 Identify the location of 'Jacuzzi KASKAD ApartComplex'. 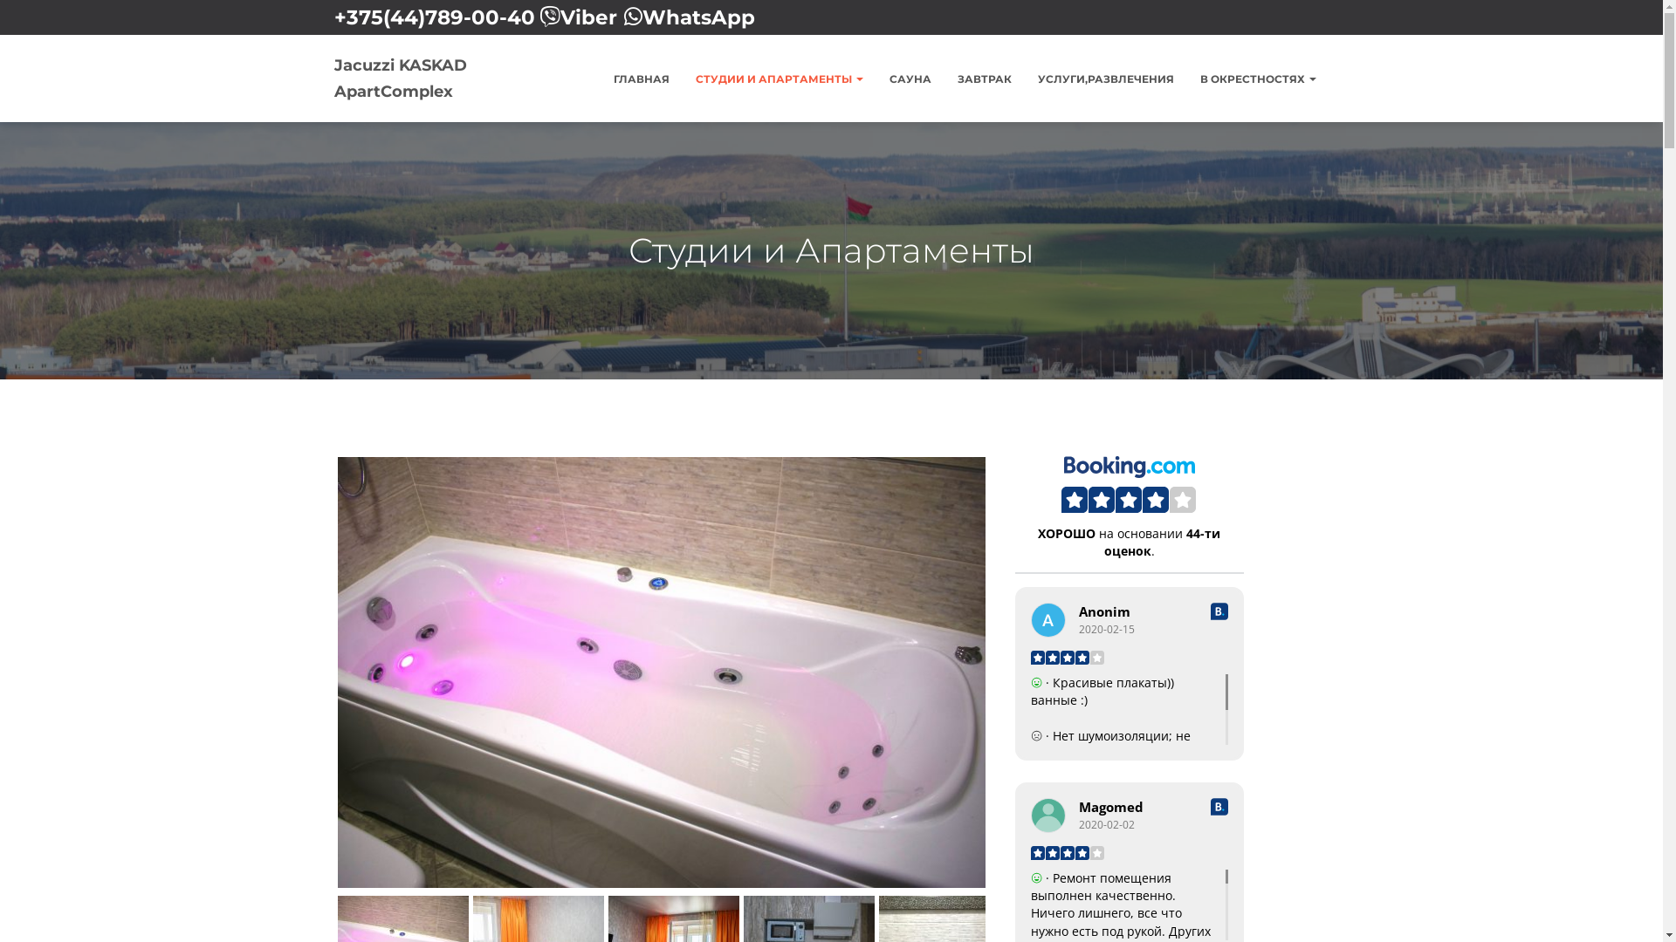
(436, 77).